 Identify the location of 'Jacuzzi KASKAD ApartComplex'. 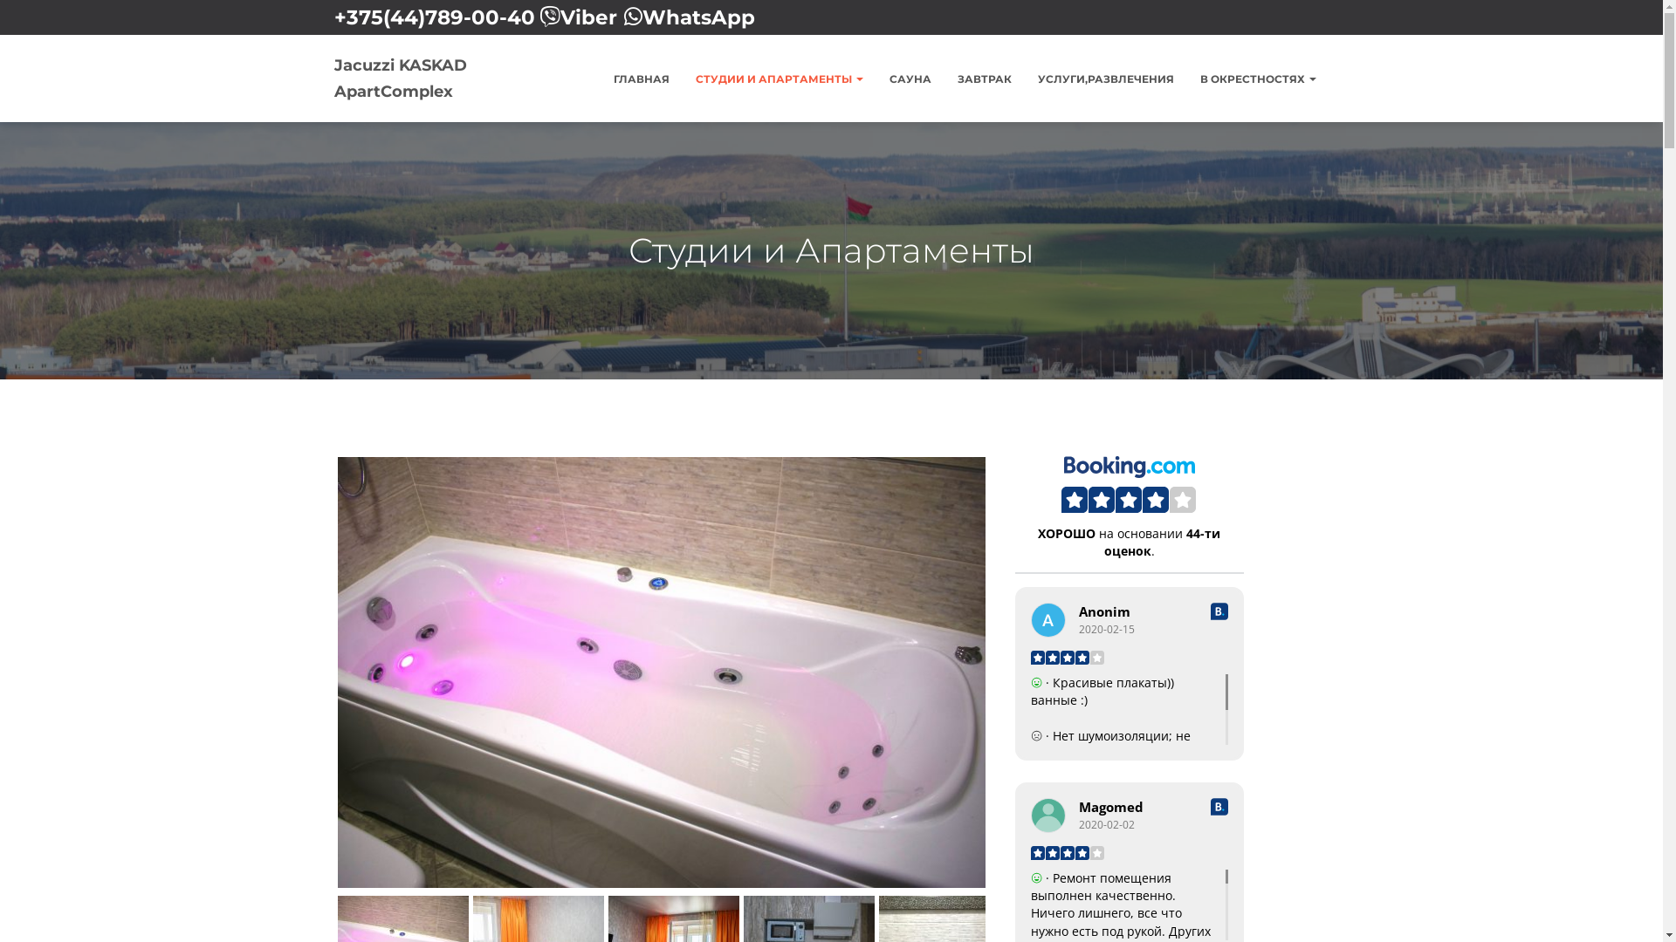
(436, 77).